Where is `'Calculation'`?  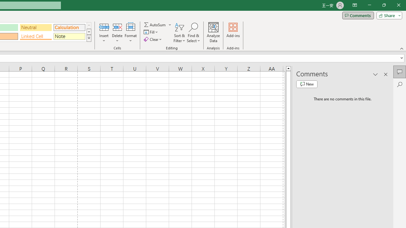 'Calculation' is located at coordinates (69, 27).